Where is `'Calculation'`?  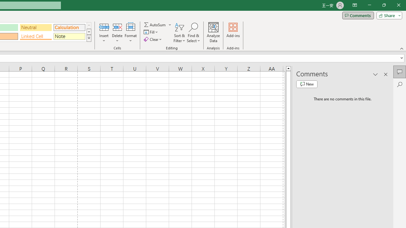 'Calculation' is located at coordinates (69, 27).